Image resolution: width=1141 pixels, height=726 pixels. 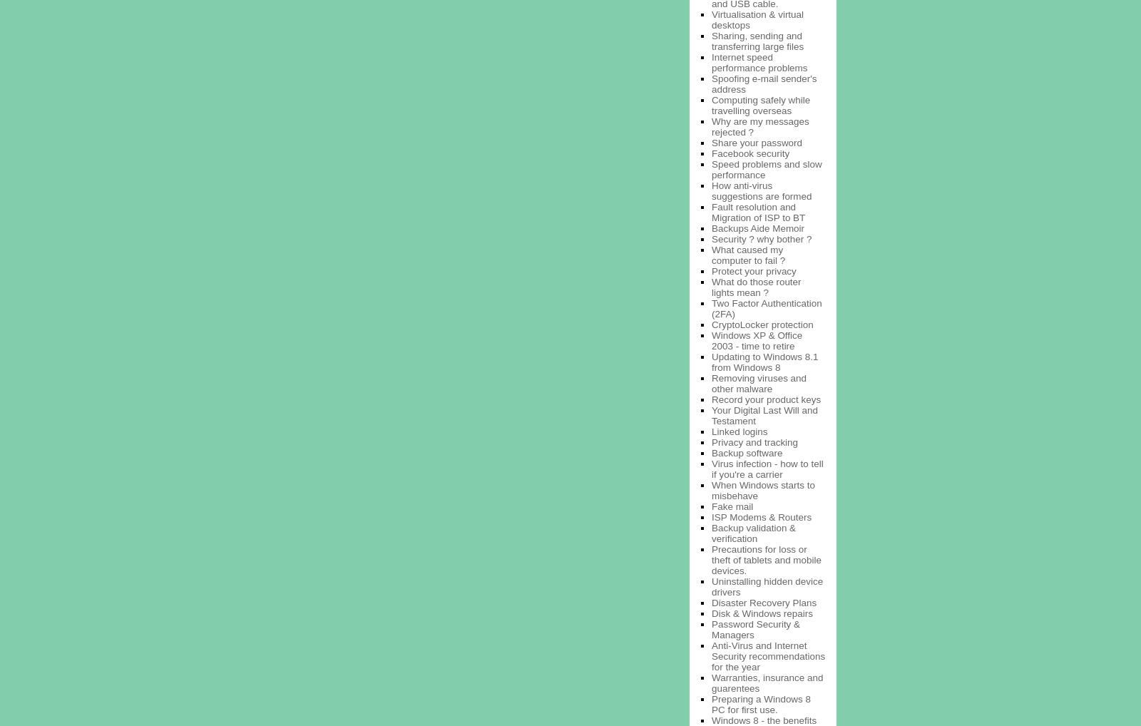 What do you see at coordinates (757, 142) in the screenshot?
I see `'Share your password'` at bounding box center [757, 142].